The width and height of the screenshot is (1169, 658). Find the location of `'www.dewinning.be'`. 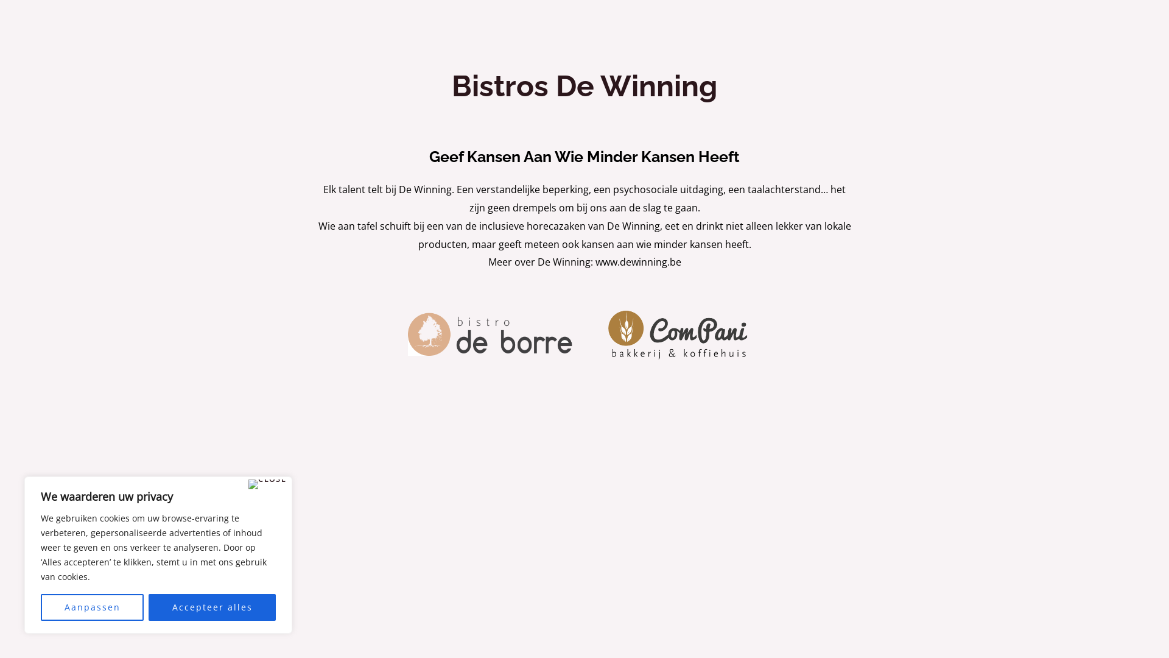

'www.dewinning.be' is located at coordinates (595, 261).